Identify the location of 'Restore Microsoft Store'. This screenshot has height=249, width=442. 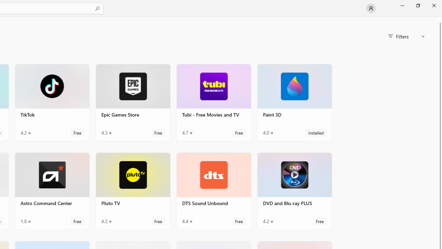
(417, 5).